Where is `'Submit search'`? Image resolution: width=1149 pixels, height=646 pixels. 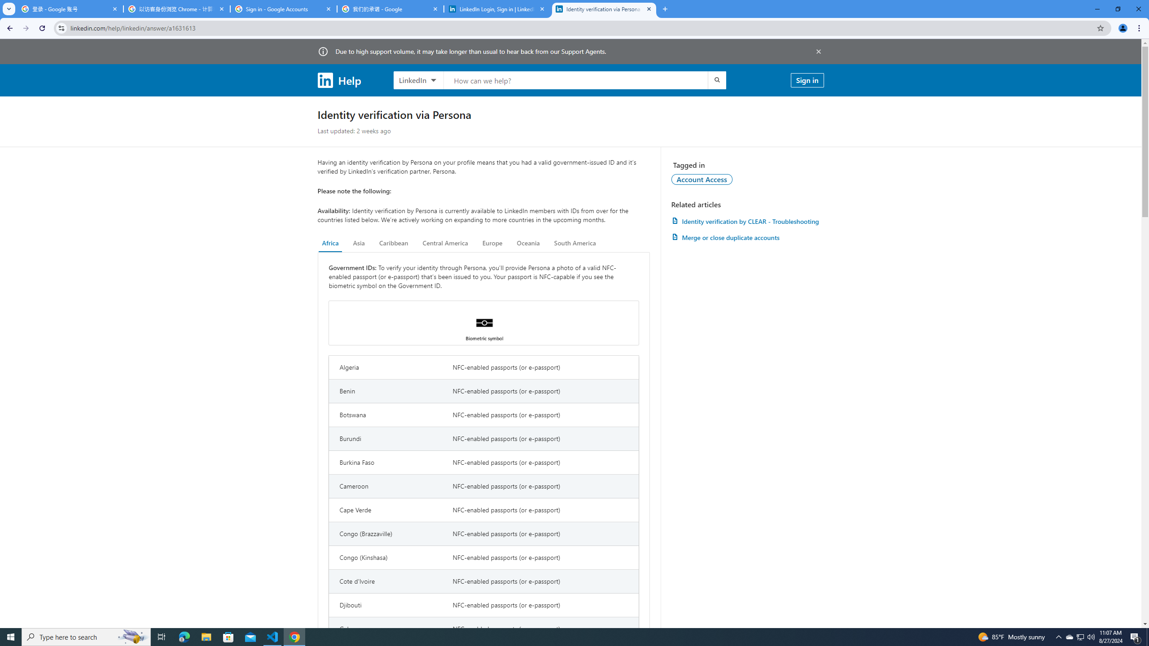
'Submit search' is located at coordinates (717, 79).